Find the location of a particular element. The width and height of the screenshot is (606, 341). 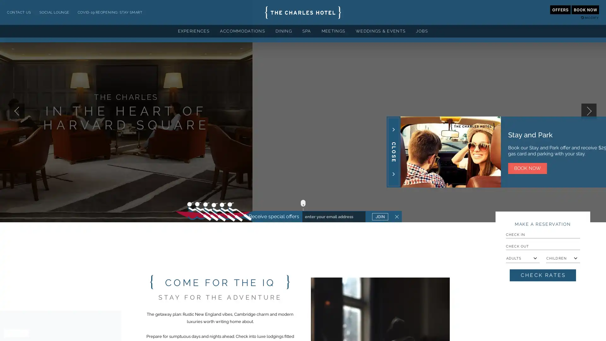

Close is located at coordinates (383, 152).